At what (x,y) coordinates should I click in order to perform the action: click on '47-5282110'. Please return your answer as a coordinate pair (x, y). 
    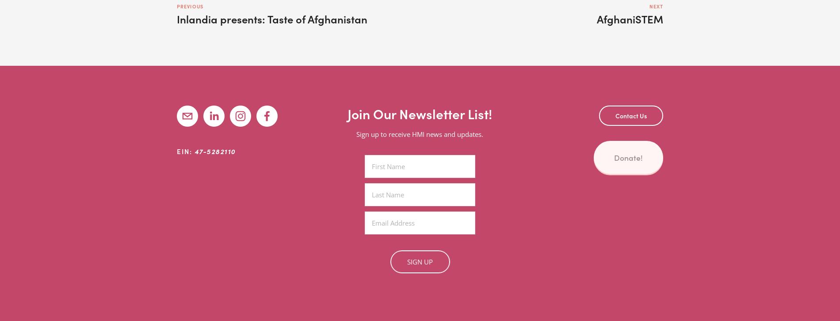
    Looking at the image, I should click on (214, 151).